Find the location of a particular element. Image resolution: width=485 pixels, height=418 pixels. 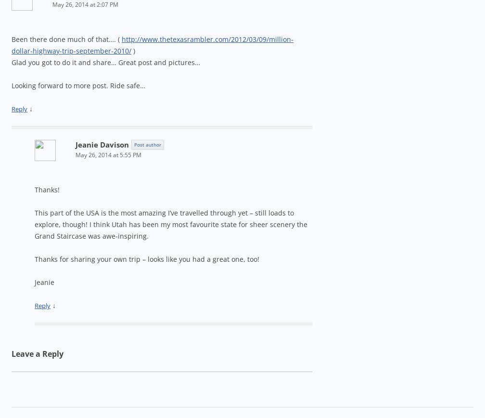

'Leave a Reply' is located at coordinates (38, 353).